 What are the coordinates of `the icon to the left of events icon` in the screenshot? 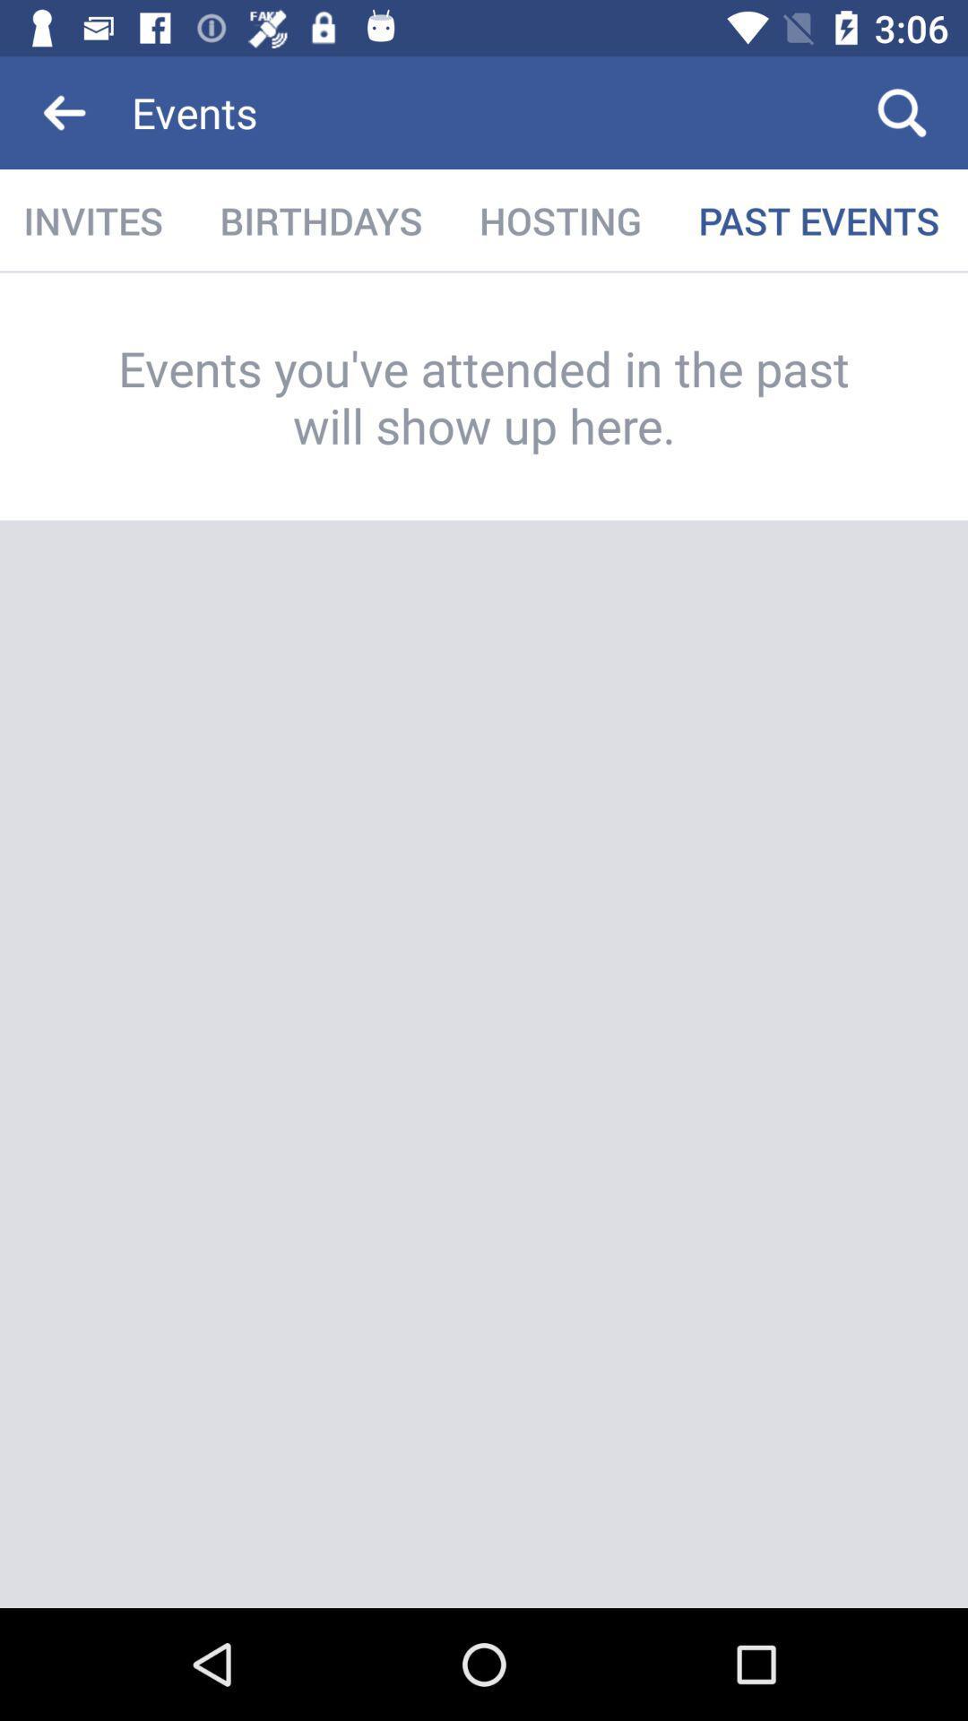 It's located at (65, 111).